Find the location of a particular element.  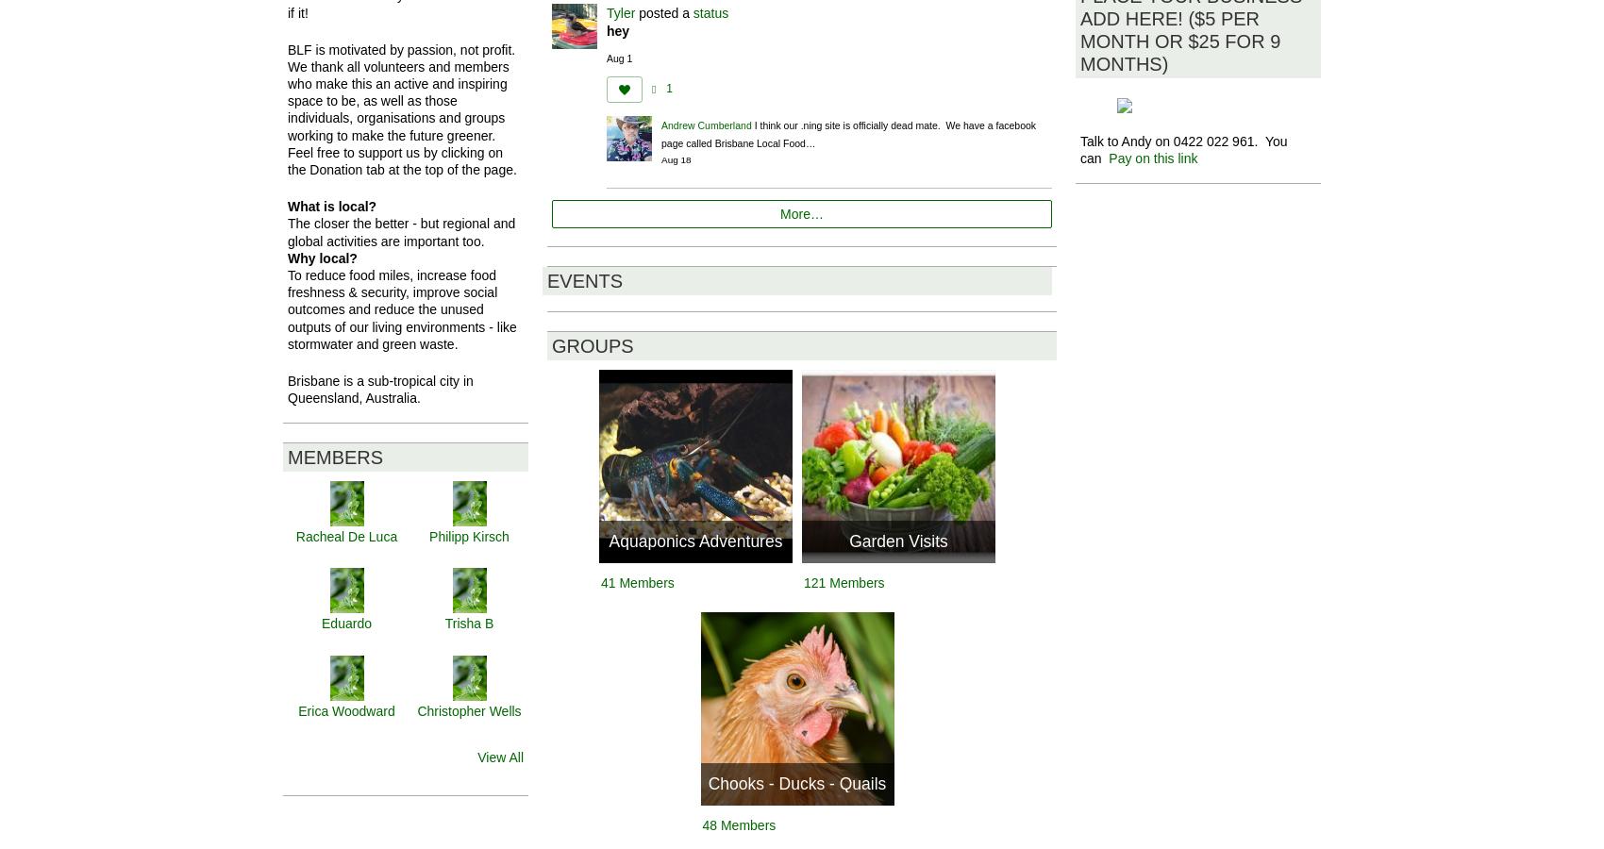

'Philipp Kirsch' is located at coordinates (428, 536).